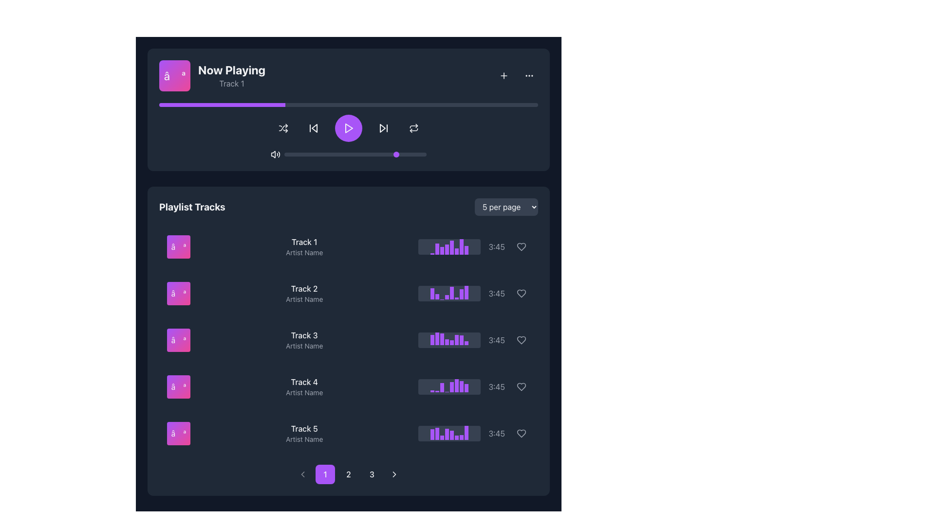 This screenshot has width=935, height=525. Describe the element at coordinates (447, 342) in the screenshot. I see `the fourth graphical bar element in the audio visualization of the third track in the playlist` at that location.